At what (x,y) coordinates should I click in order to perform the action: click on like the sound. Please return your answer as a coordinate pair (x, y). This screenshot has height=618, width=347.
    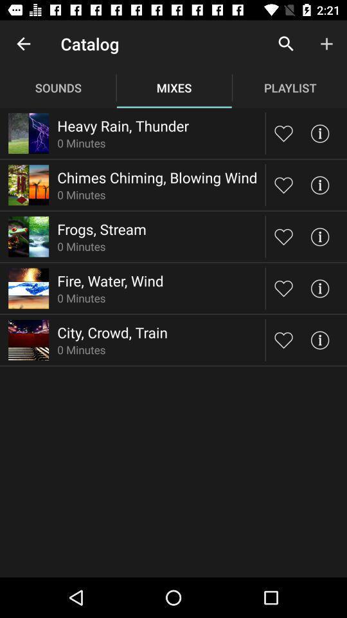
    Looking at the image, I should click on (283, 236).